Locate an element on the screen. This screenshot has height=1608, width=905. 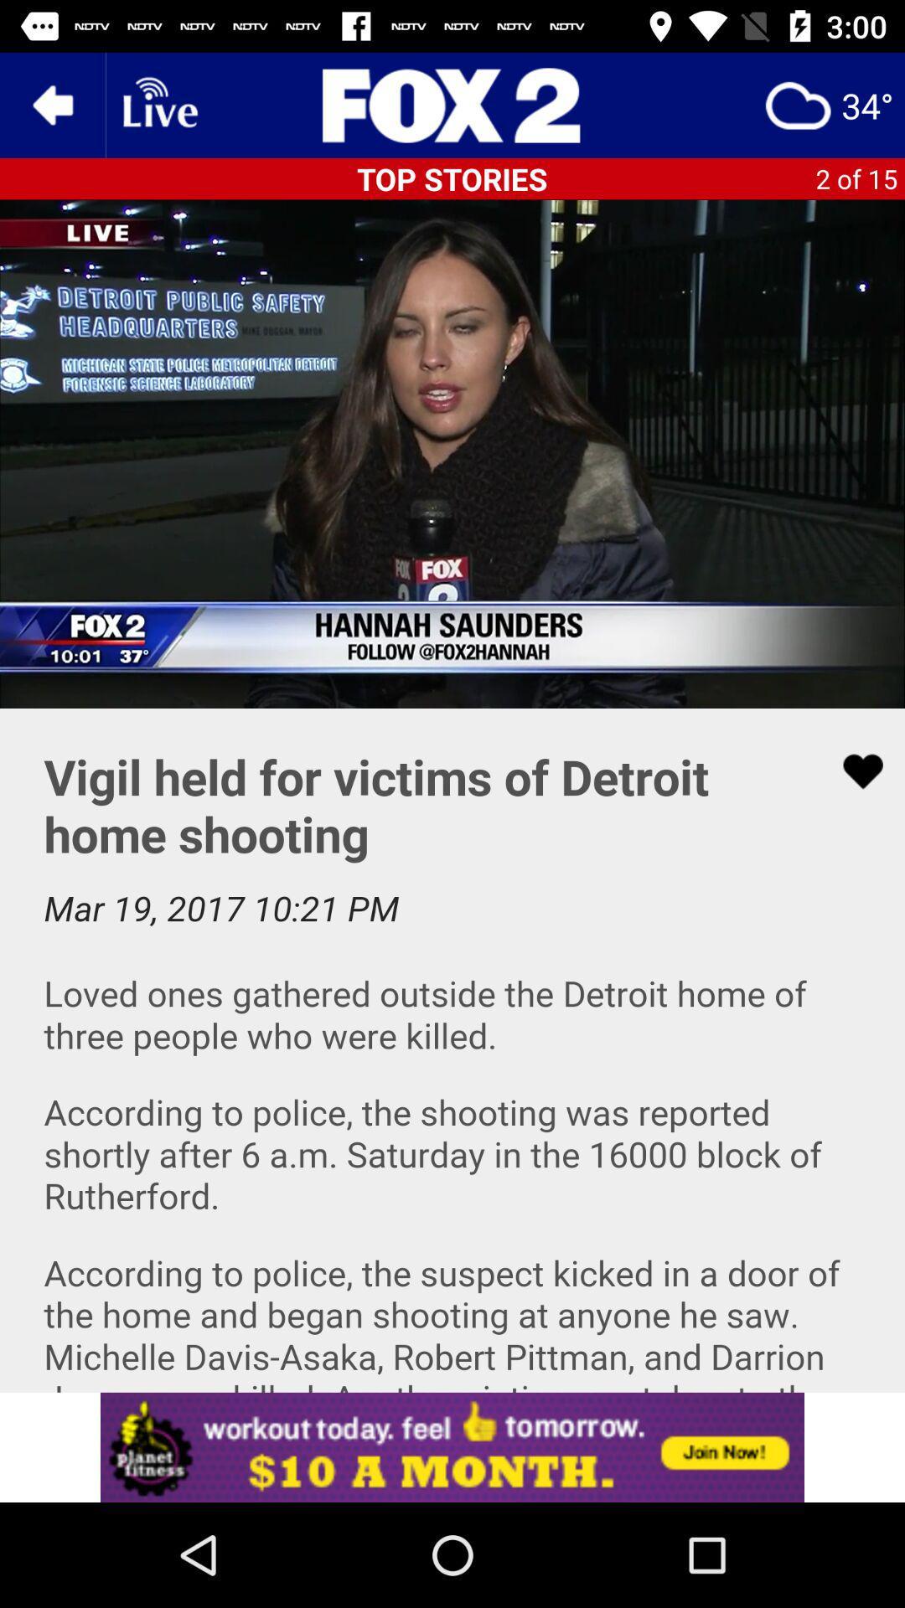
article is located at coordinates (852, 770).